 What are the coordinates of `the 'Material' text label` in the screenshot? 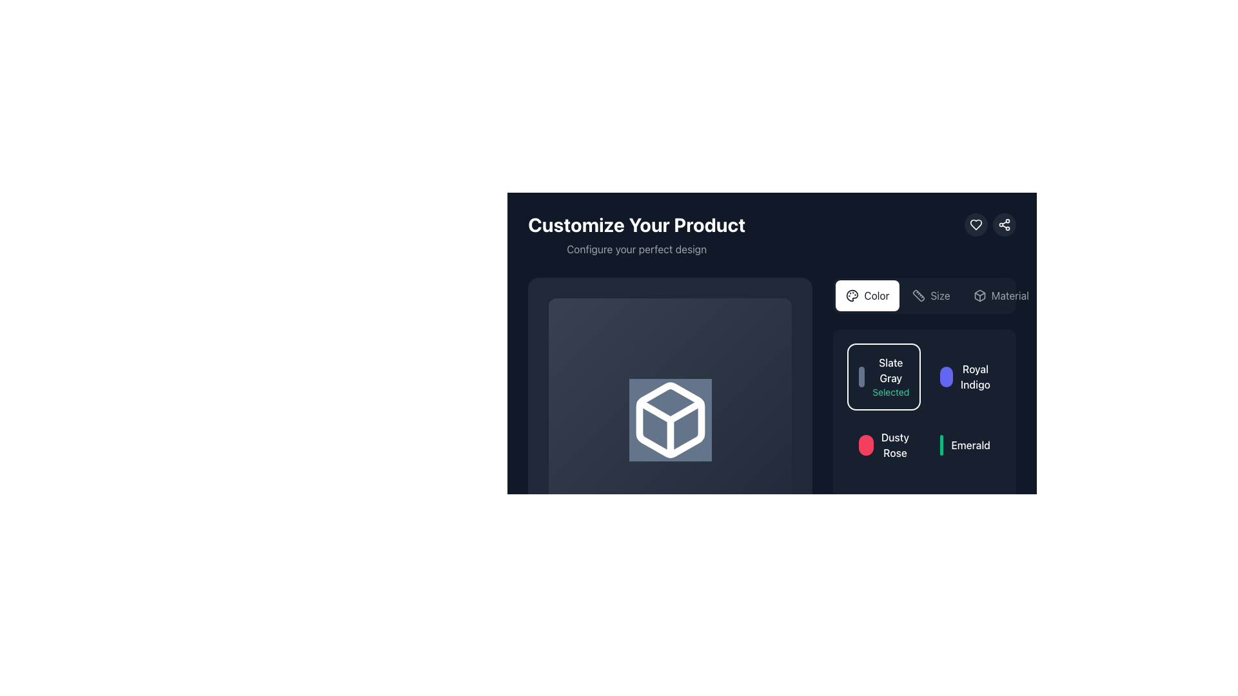 It's located at (1009, 296).